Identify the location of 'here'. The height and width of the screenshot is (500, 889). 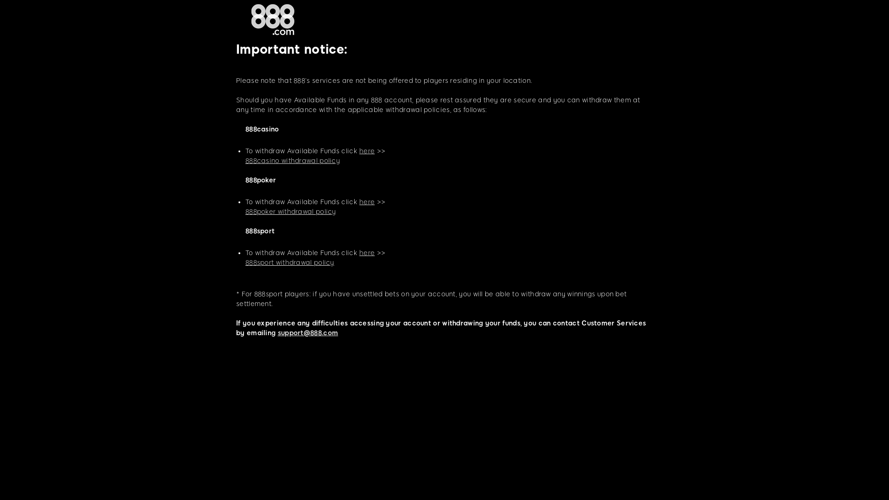
(366, 201).